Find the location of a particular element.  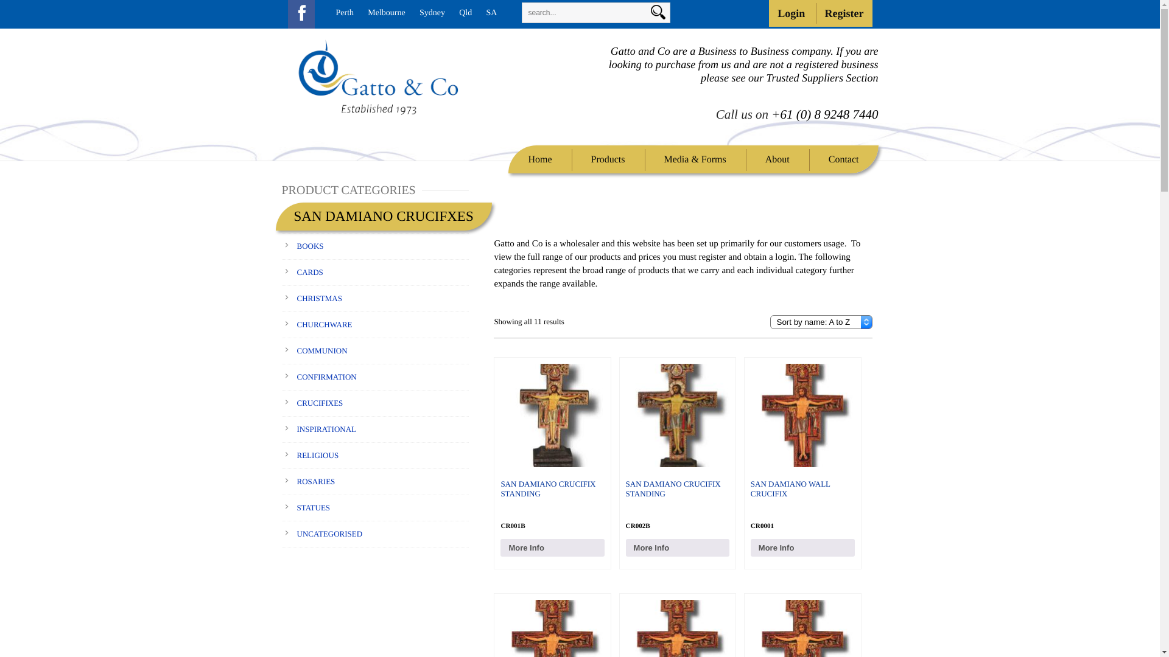

'Products' is located at coordinates (580, 159).